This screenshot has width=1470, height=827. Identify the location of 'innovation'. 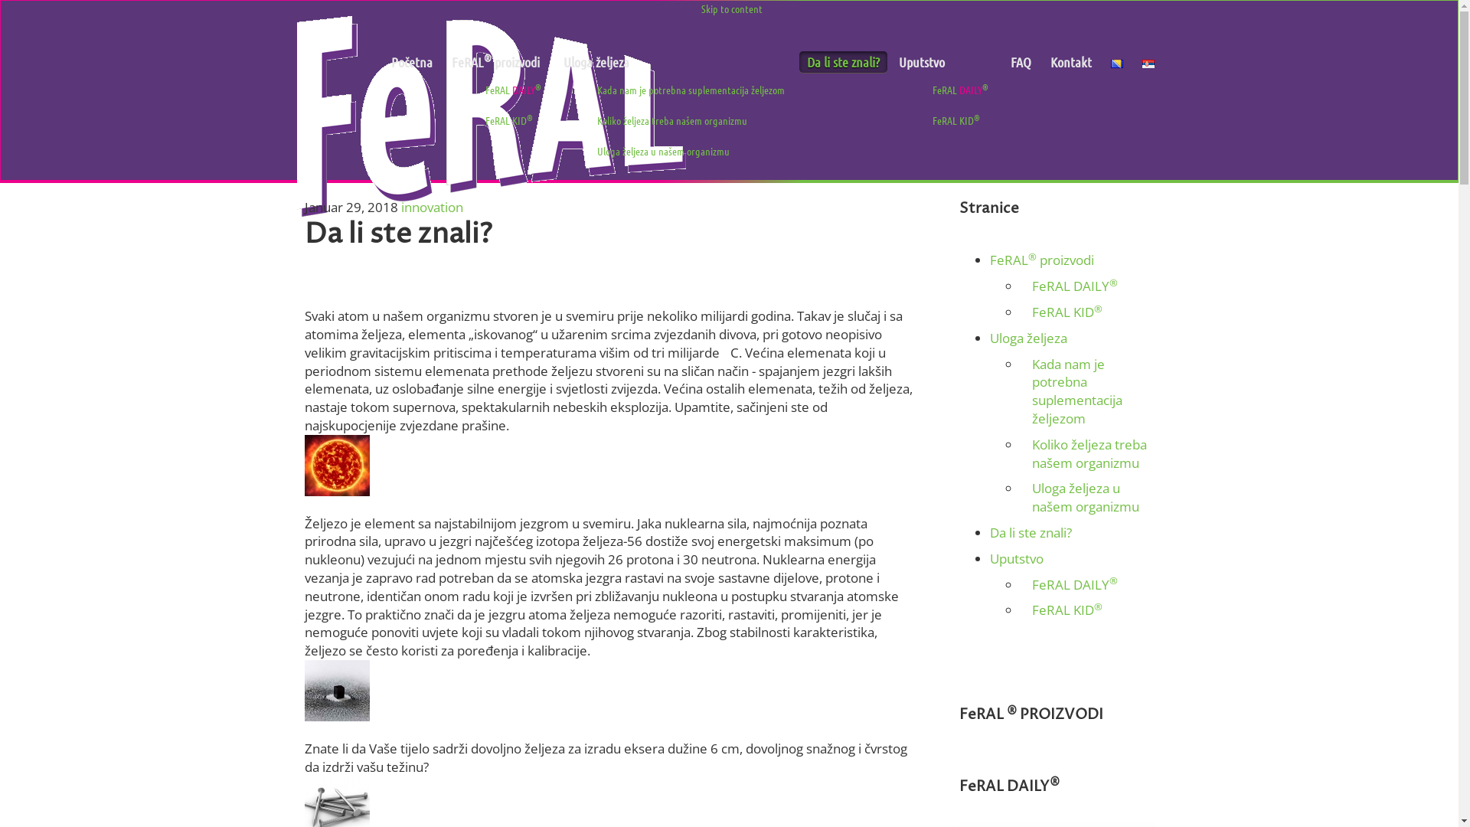
(431, 207).